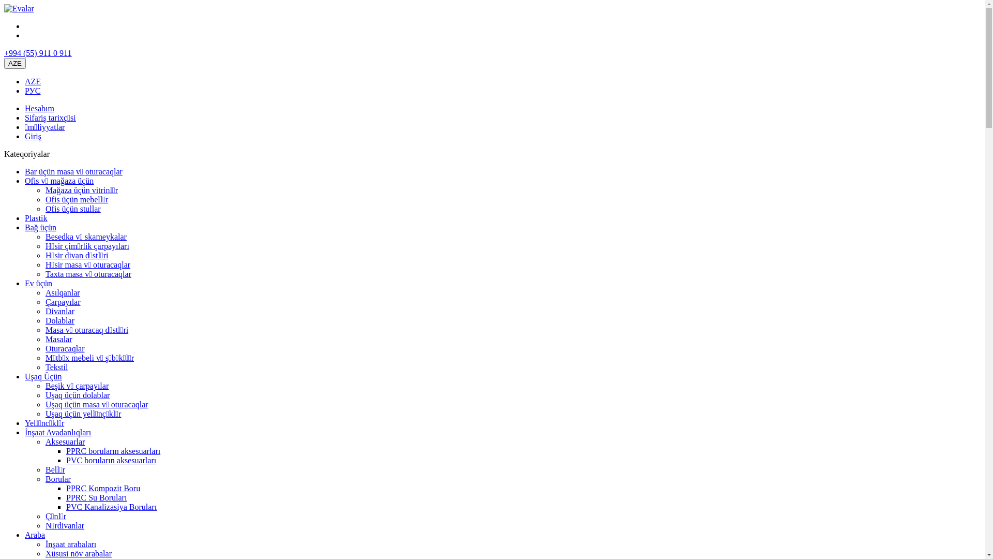  What do you see at coordinates (59, 311) in the screenshot?
I see `'Divanlar'` at bounding box center [59, 311].